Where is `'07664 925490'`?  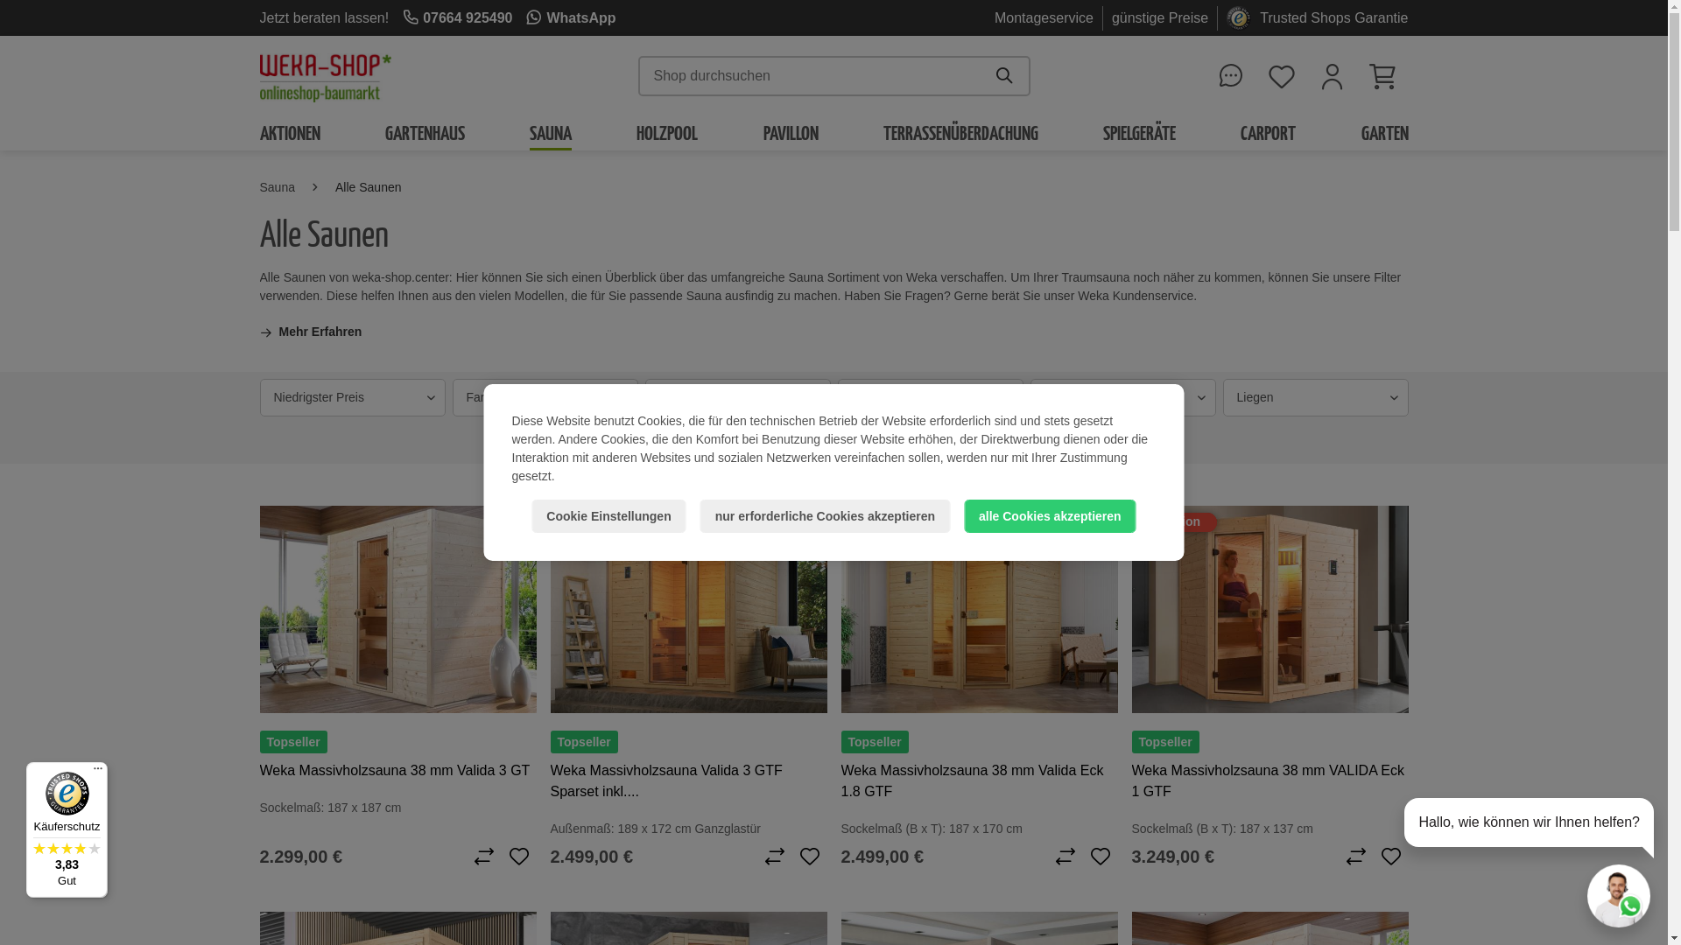 '07664 925490' is located at coordinates (457, 17).